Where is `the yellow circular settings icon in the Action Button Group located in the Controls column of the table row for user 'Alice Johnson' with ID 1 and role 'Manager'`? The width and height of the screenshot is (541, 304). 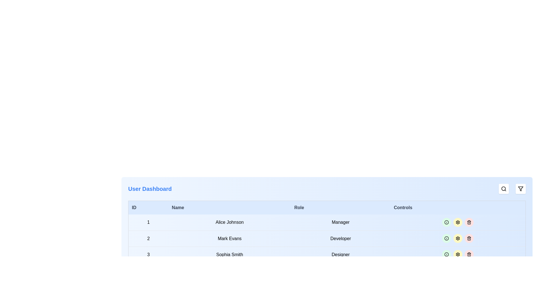
the yellow circular settings icon in the Action Button Group located in the Controls column of the table row for user 'Alice Johnson' with ID 1 and role 'Manager' is located at coordinates (458, 222).